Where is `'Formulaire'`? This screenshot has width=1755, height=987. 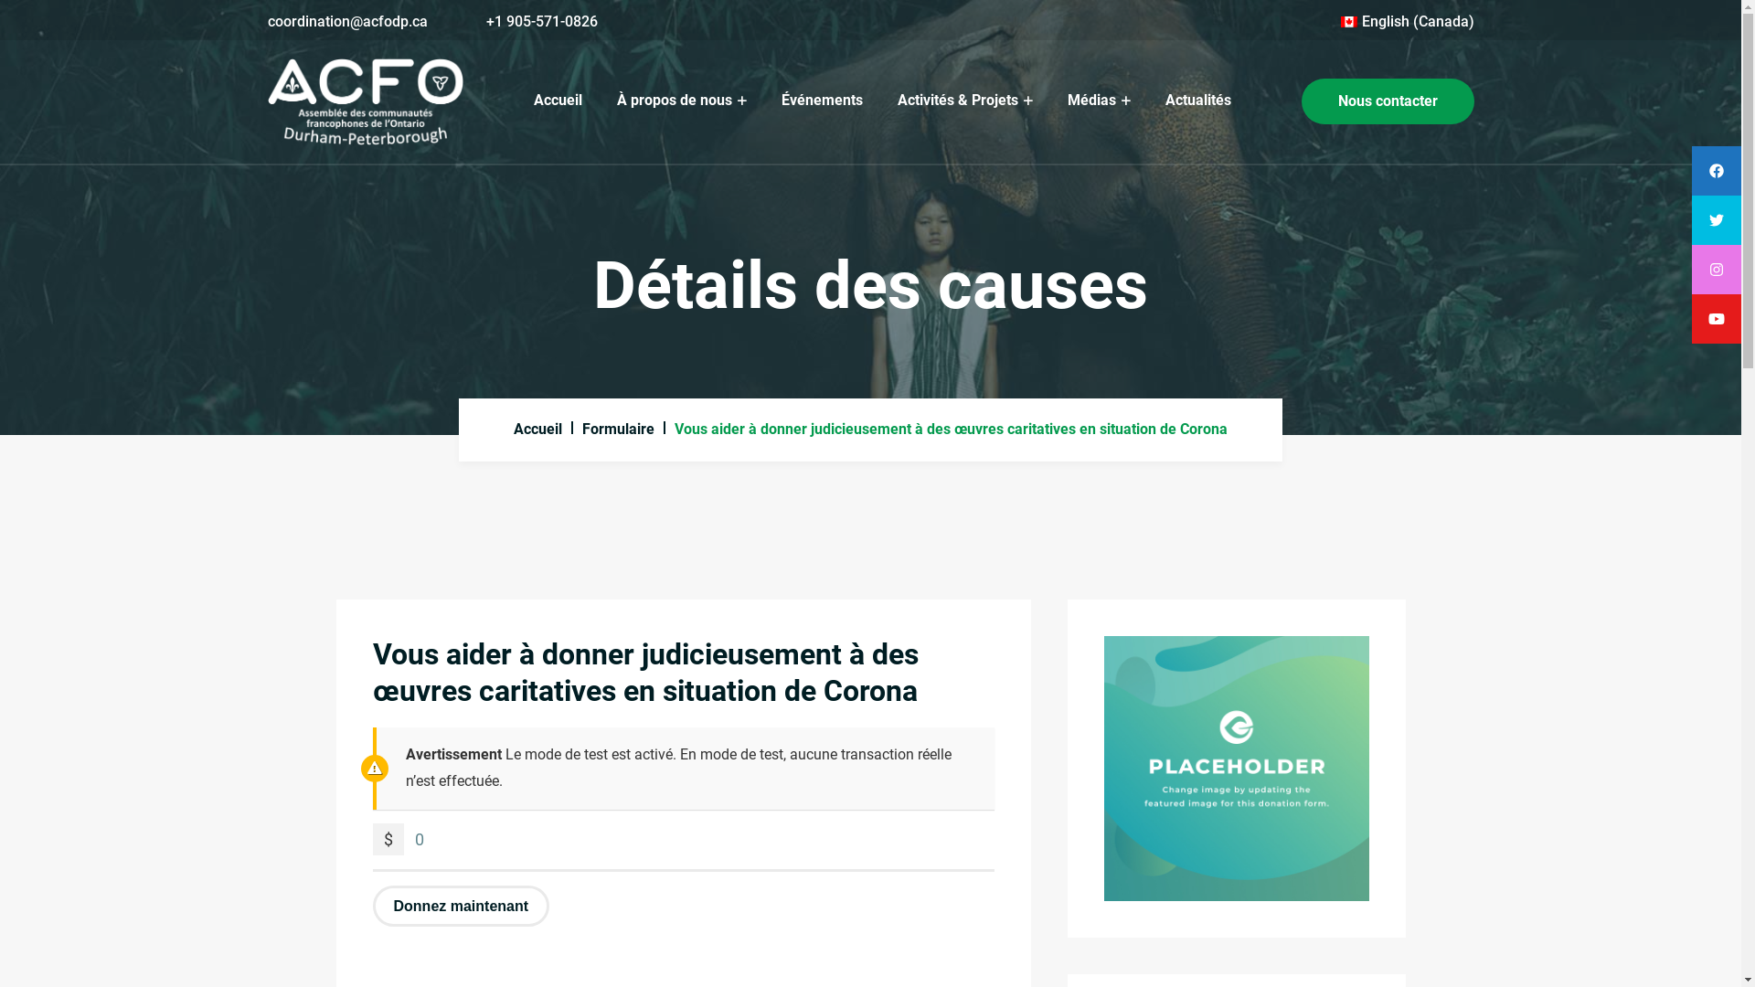 'Formulaire' is located at coordinates (618, 429).